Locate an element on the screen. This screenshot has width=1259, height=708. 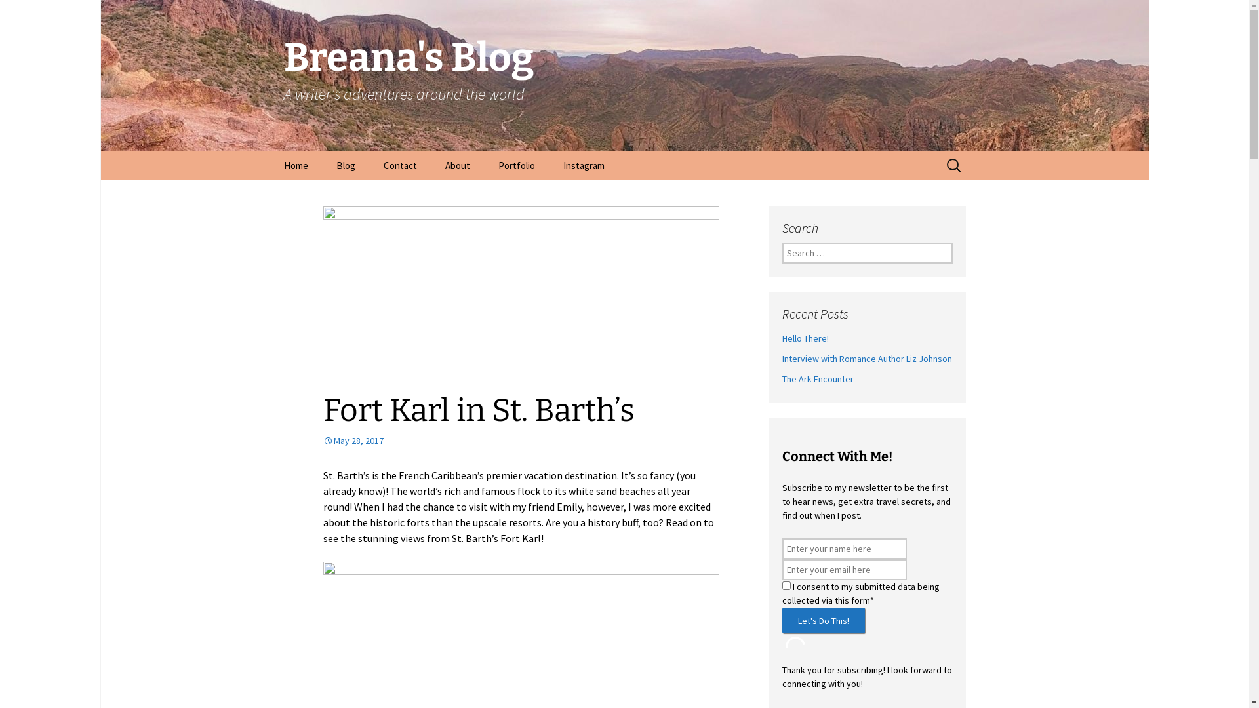
'Contact' is located at coordinates (399, 165).